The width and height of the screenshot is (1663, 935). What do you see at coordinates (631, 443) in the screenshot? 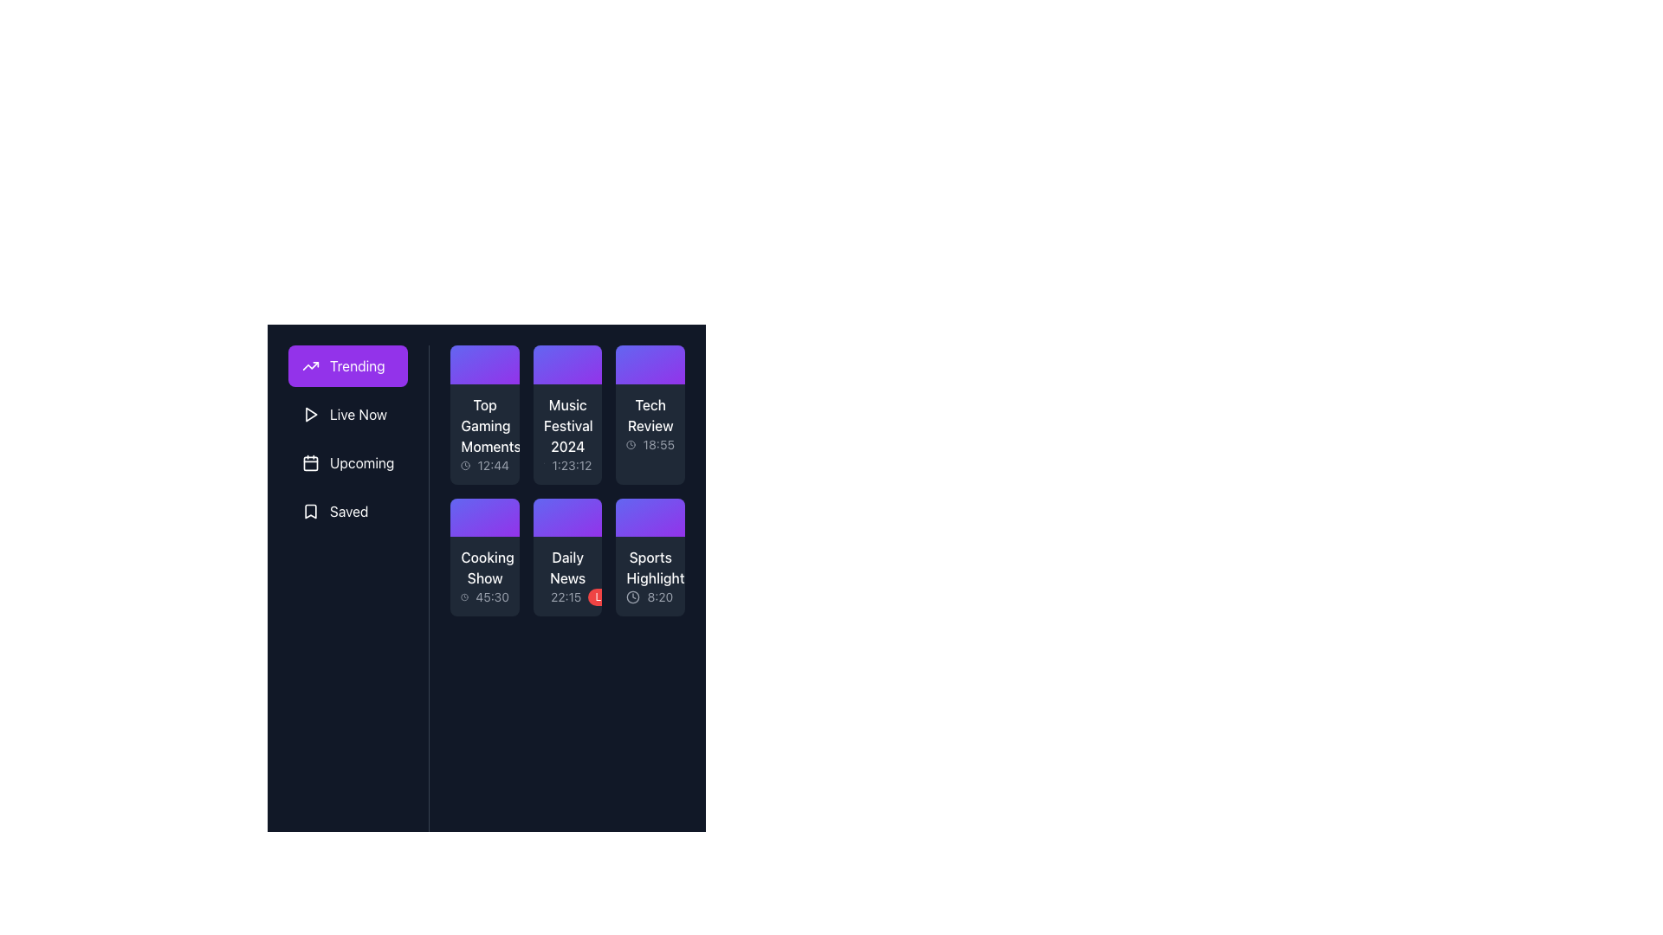
I see `the SVG circle element located within the third card under the 'Tech Review' label, which serves as a decorative part of the clock icon` at bounding box center [631, 443].